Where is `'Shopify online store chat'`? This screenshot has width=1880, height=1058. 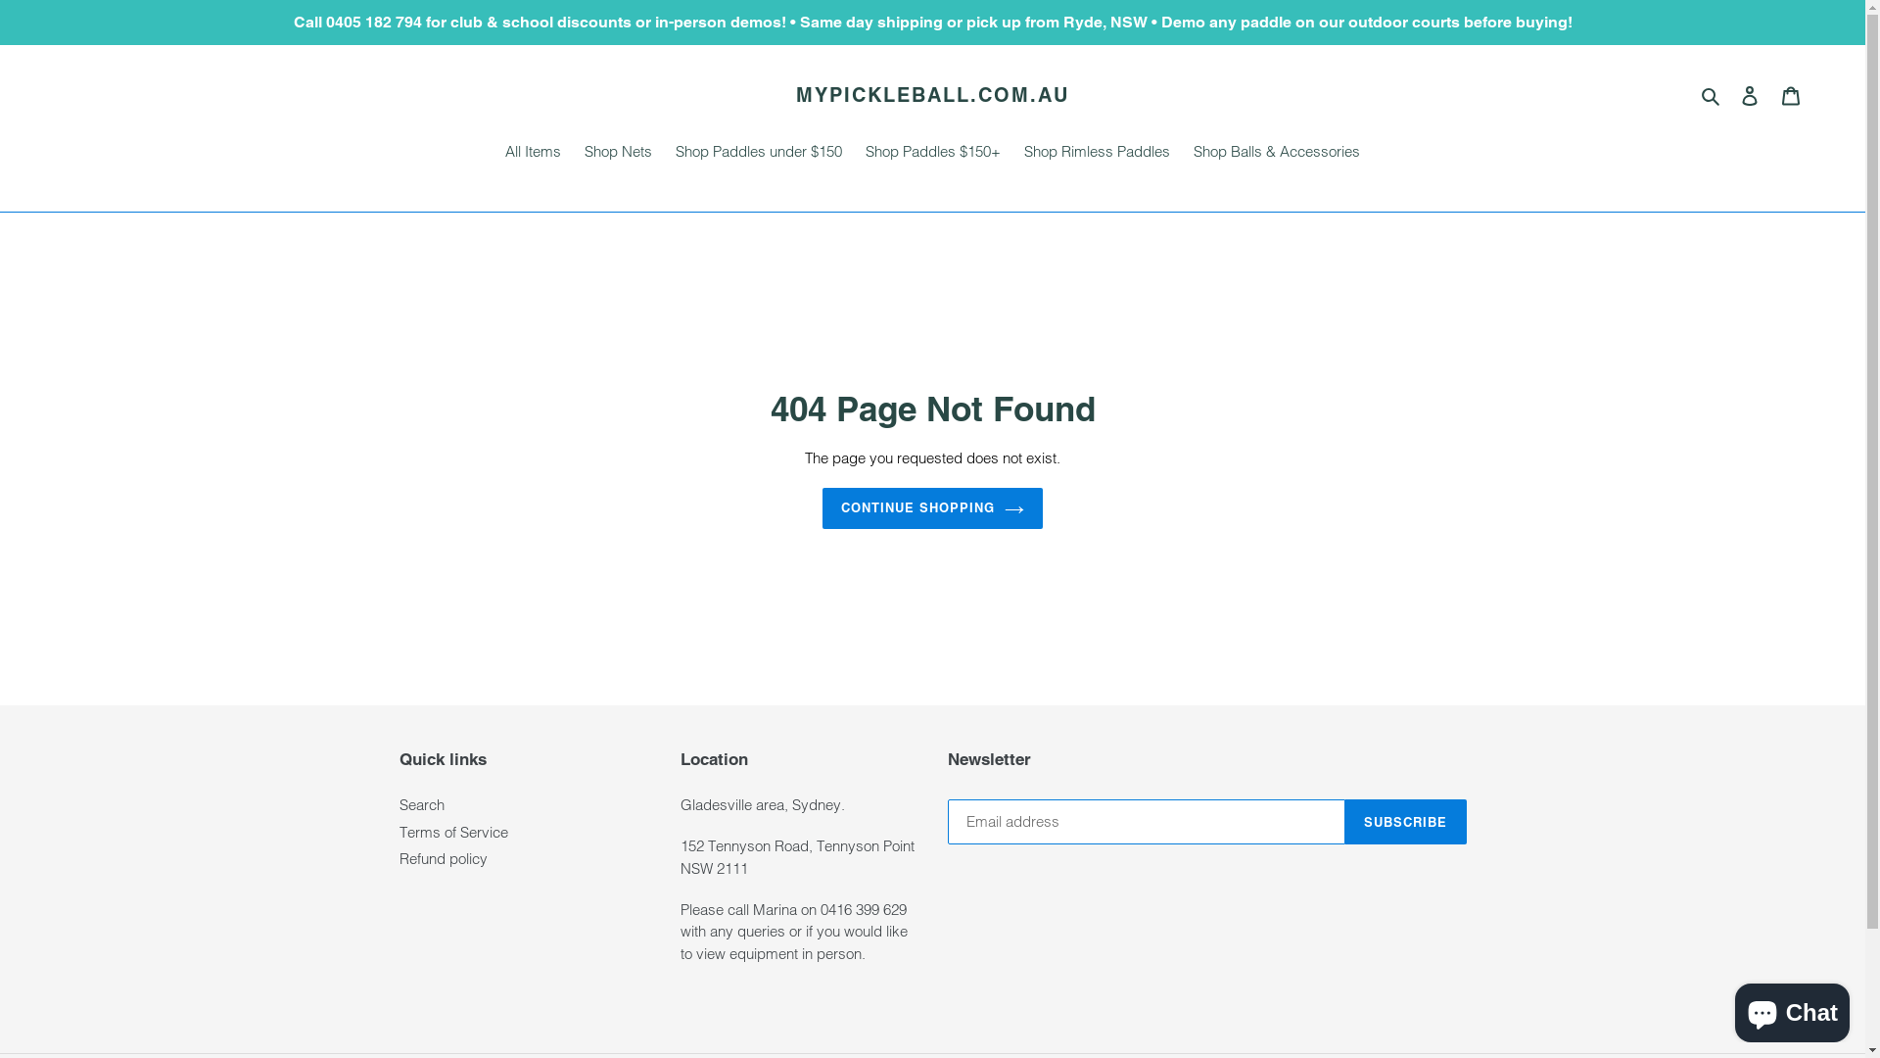
'Shopify online store chat' is located at coordinates (1729, 1008).